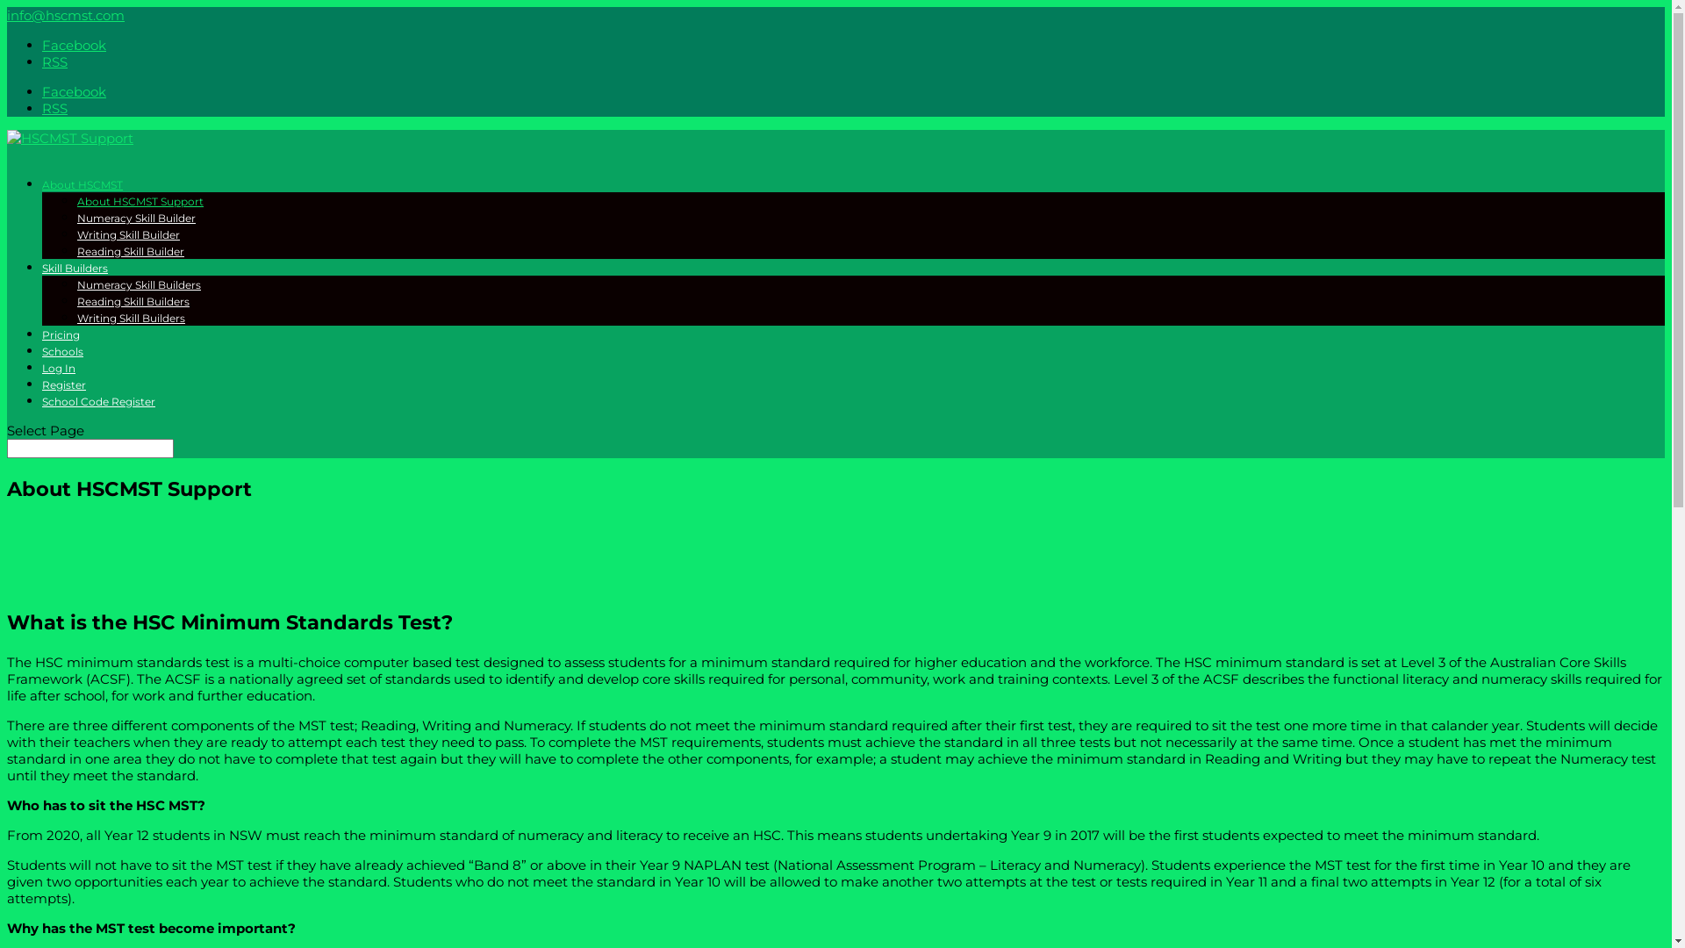  Describe the element at coordinates (59, 375) in the screenshot. I see `'Log In'` at that location.